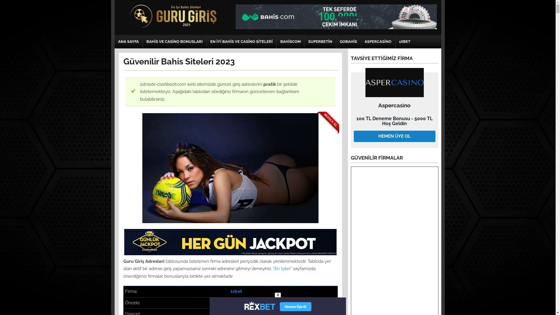 The height and width of the screenshot is (315, 560). Describe the element at coordinates (278, 295) in the screenshot. I see `'X'` at that location.